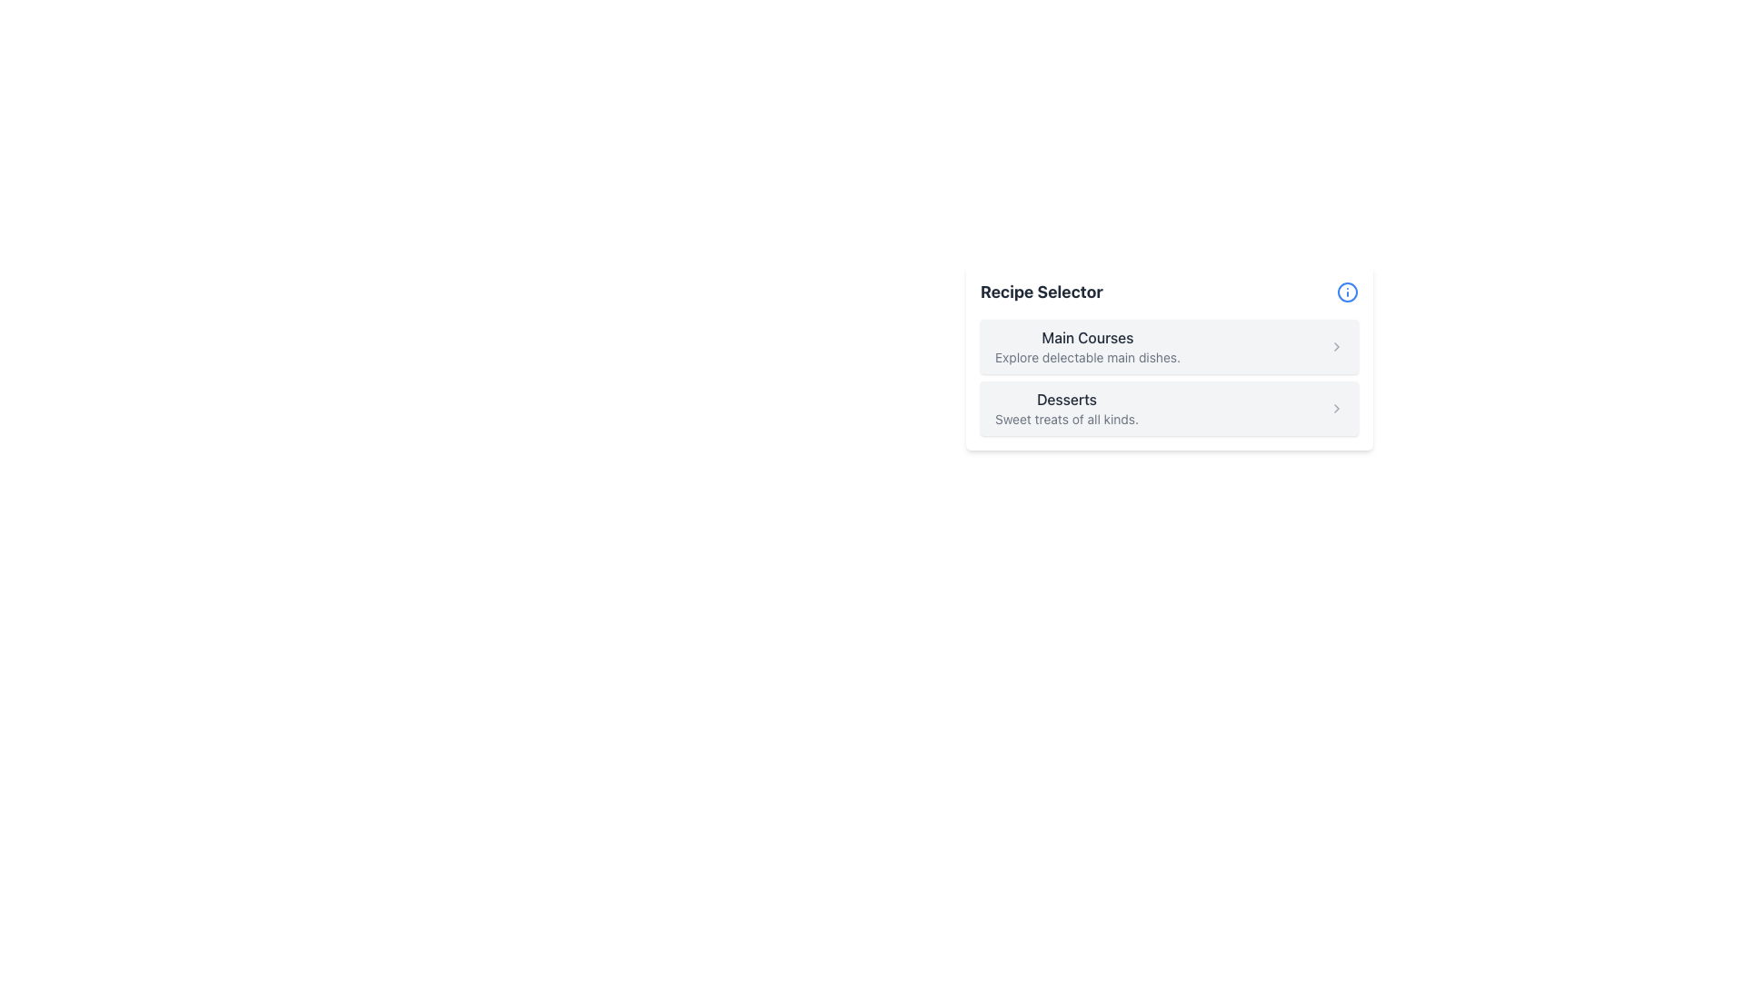 This screenshot has width=1745, height=981. What do you see at coordinates (1169, 346) in the screenshot?
I see `the top navigation item labeled 'Main Courses'` at bounding box center [1169, 346].